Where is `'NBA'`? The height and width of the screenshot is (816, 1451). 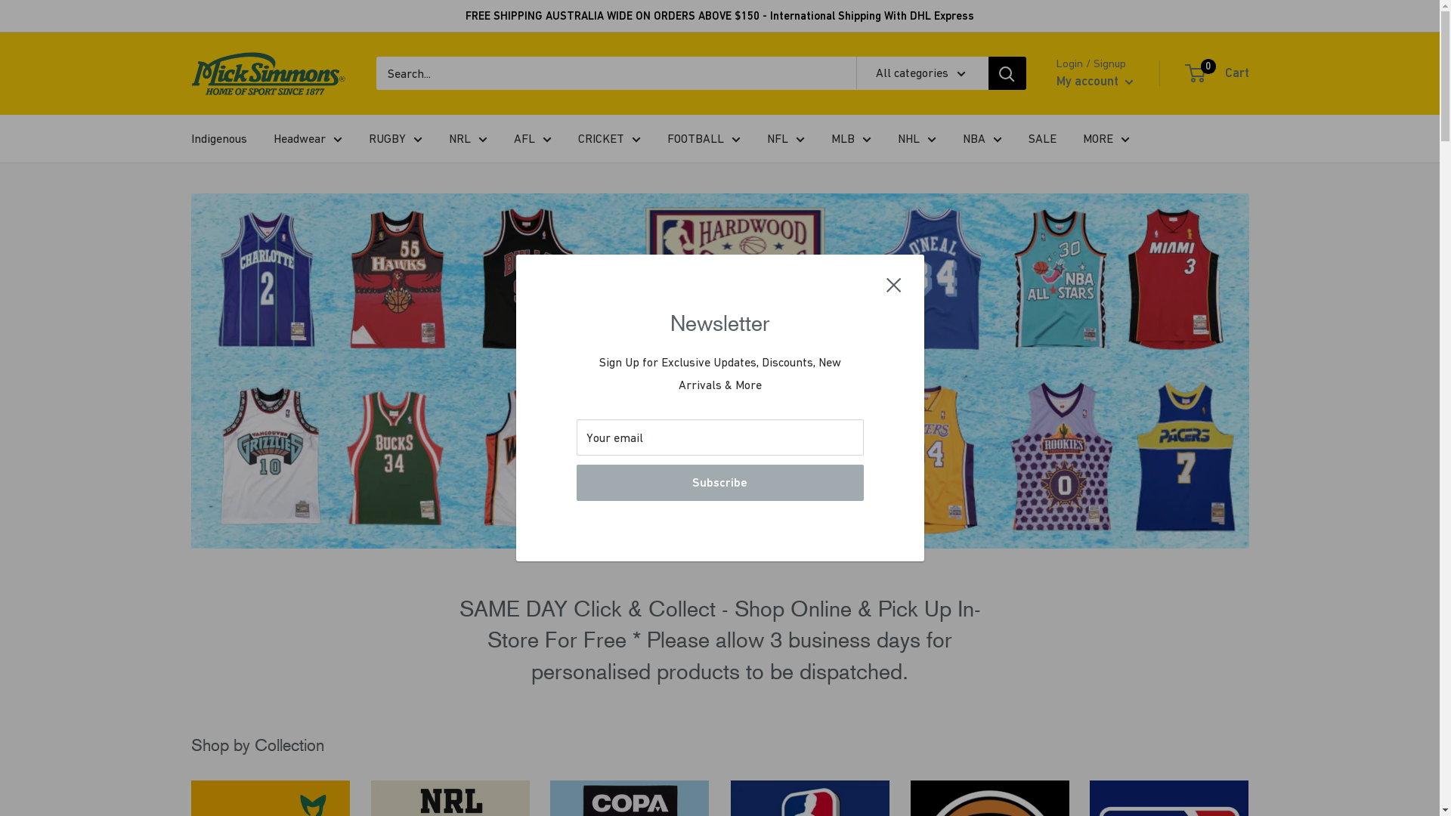
'NBA' is located at coordinates (961, 139).